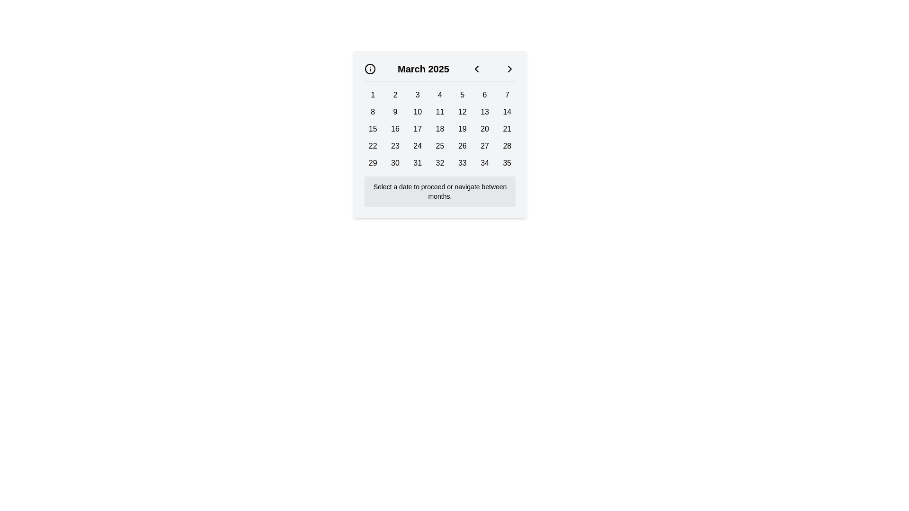  I want to click on the navigation button for the next month in the calendar, positioned at the far right of the horizontal bar next to 'March 2025', so click(509, 69).